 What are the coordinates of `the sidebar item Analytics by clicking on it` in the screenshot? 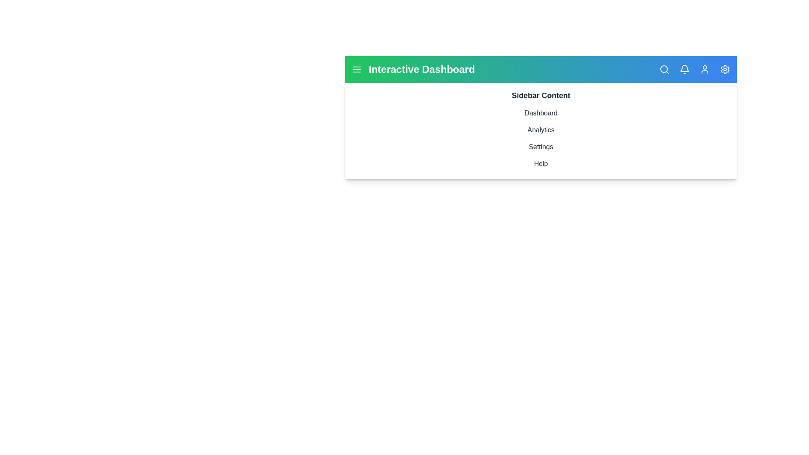 It's located at (541, 130).